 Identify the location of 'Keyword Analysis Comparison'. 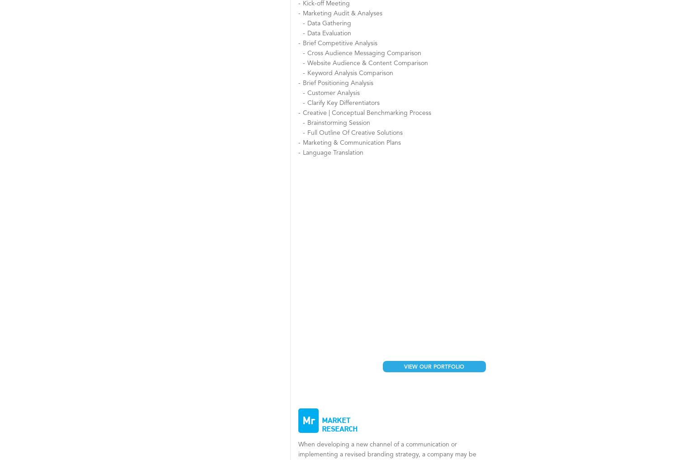
(307, 73).